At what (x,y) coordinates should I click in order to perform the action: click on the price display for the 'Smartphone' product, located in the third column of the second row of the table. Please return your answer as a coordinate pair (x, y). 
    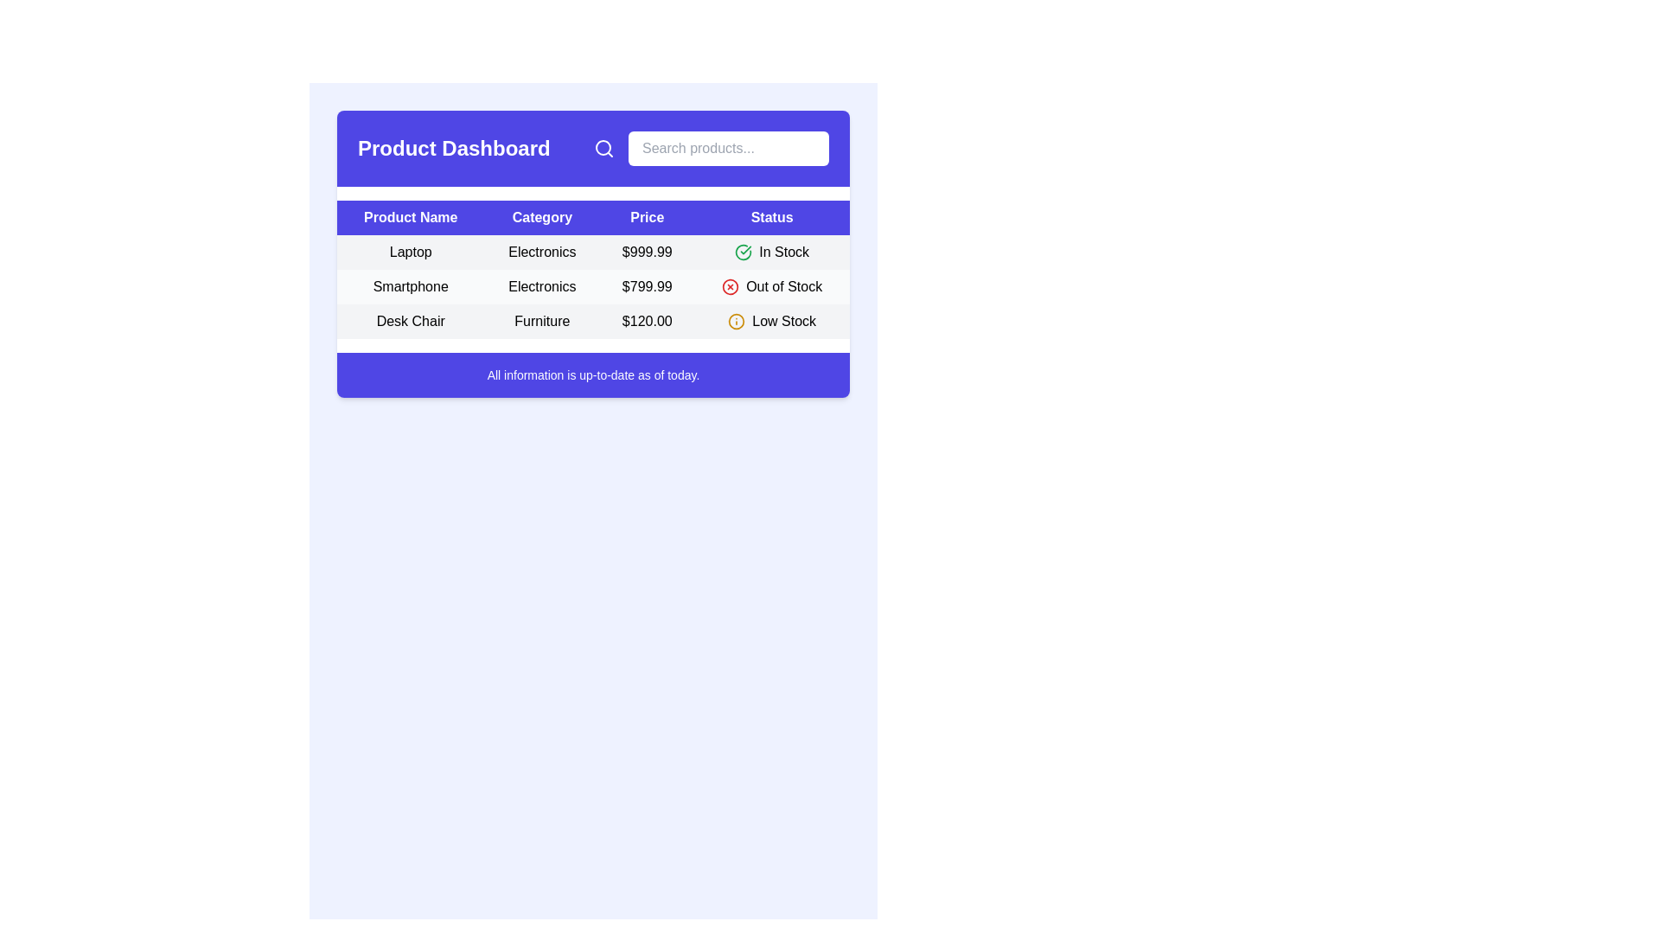
    Looking at the image, I should click on (646, 285).